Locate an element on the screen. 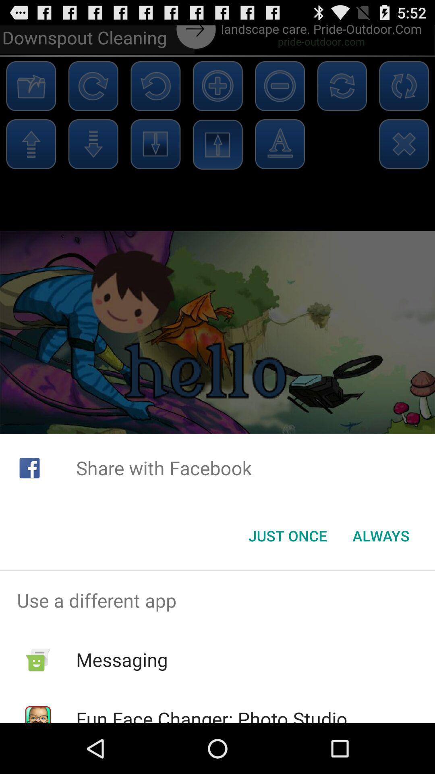  the item below share with facebook is located at coordinates (287, 536).